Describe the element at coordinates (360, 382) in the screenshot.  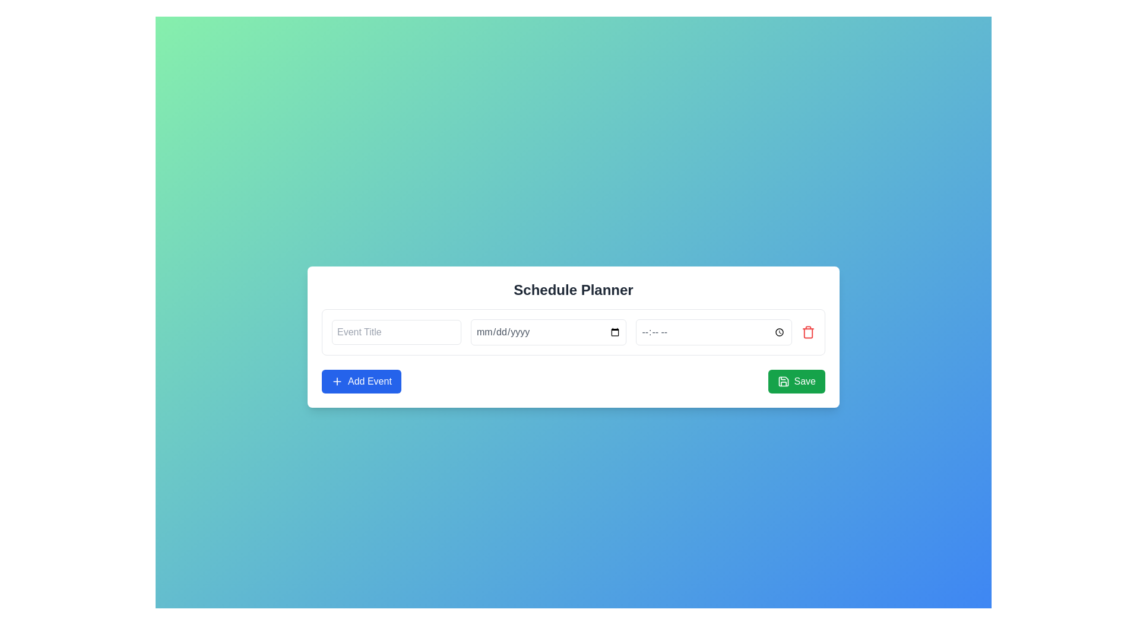
I see `the first button from the left in the horizontal row of buttons that is used to add a new event` at that location.